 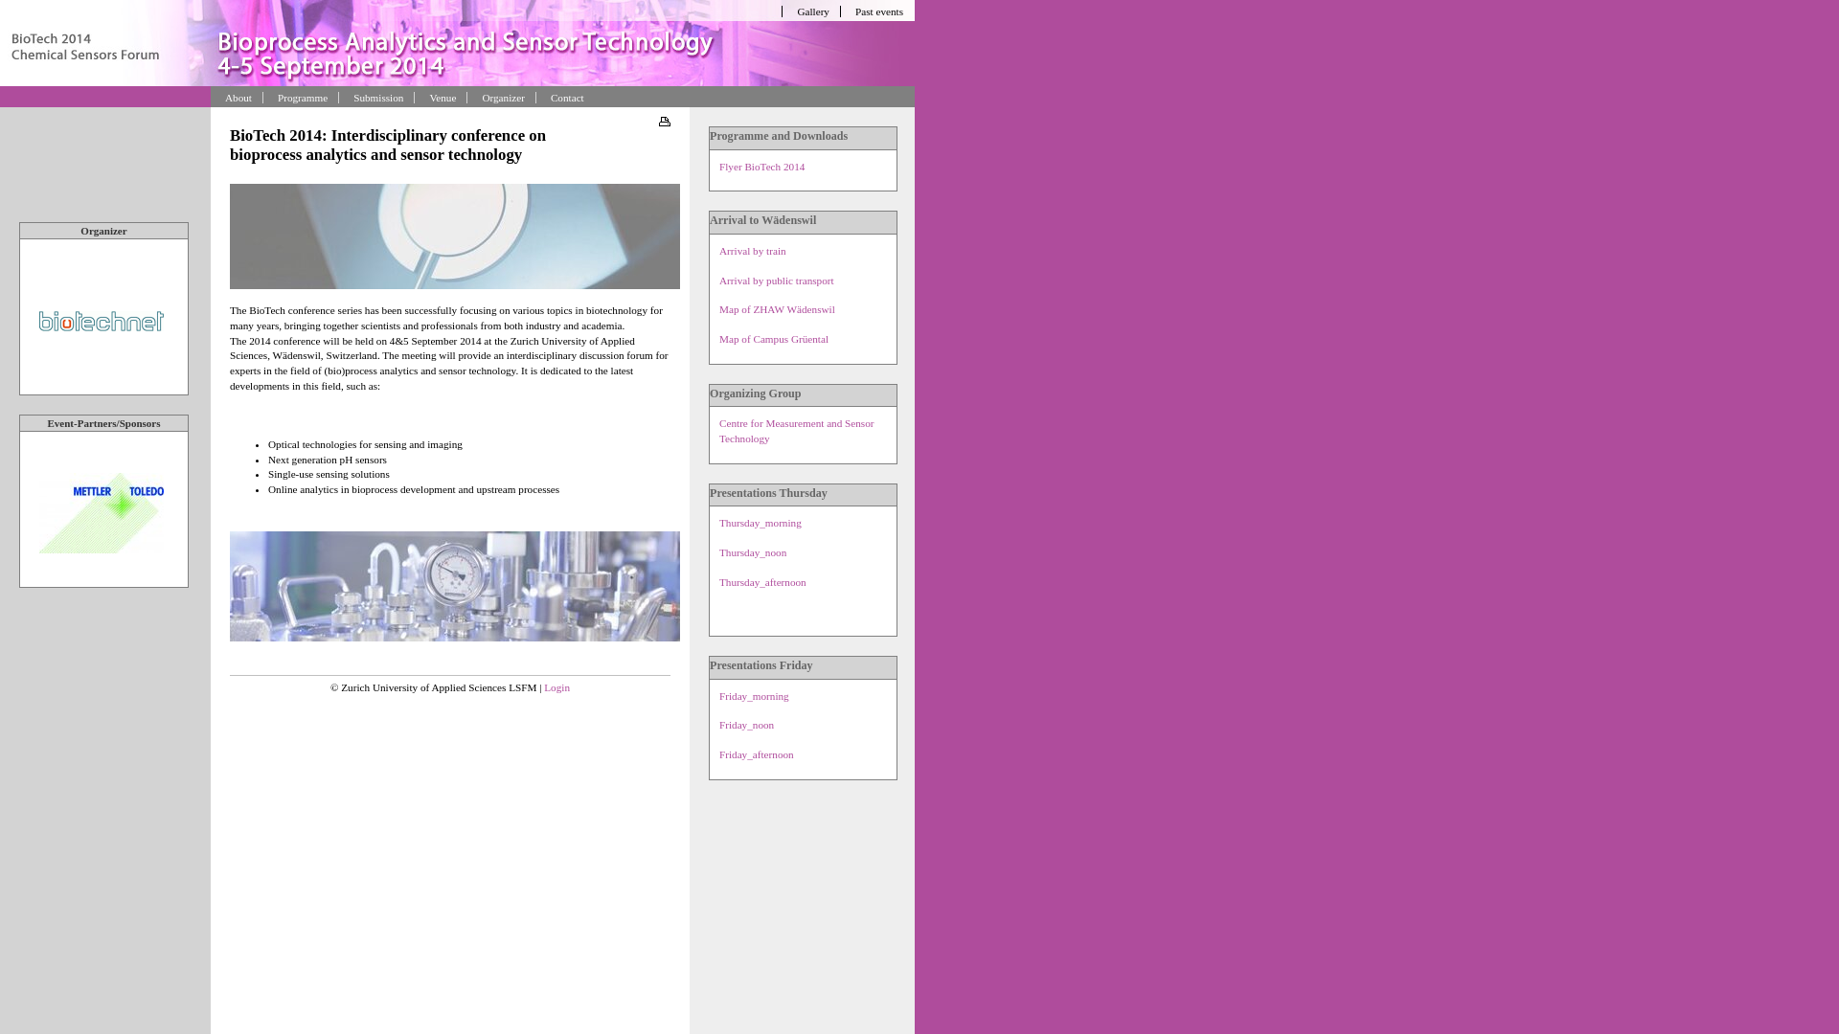 What do you see at coordinates (782, 11) in the screenshot?
I see `'Gallery'` at bounding box center [782, 11].